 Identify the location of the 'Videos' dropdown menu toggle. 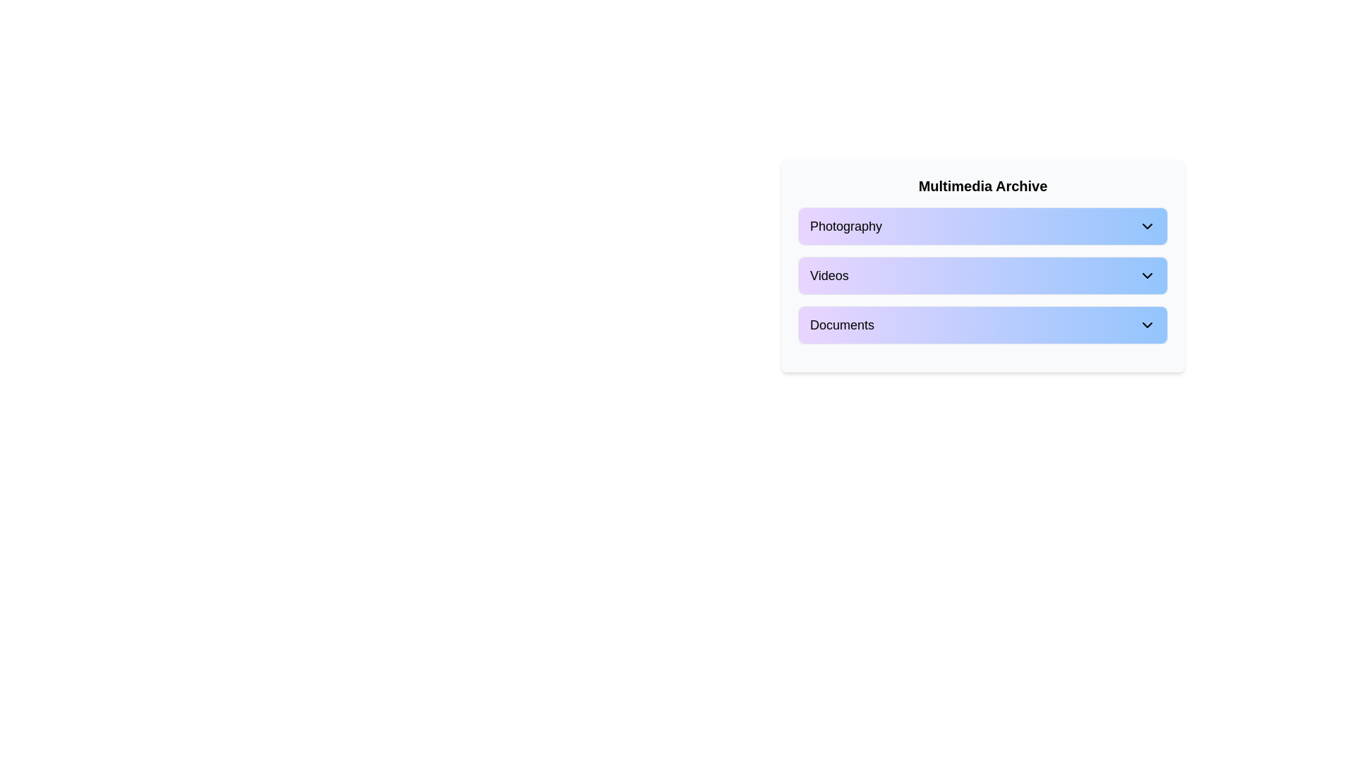
(982, 275).